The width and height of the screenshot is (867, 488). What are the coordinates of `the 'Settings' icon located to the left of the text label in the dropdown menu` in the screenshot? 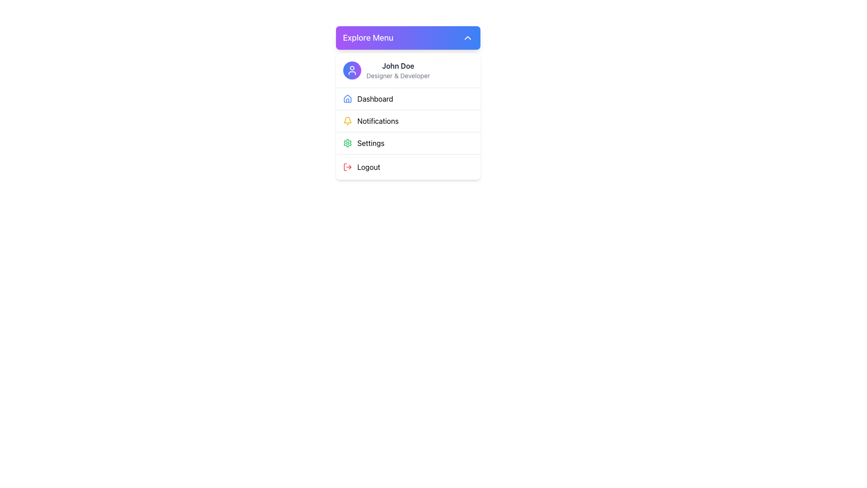 It's located at (347, 142).